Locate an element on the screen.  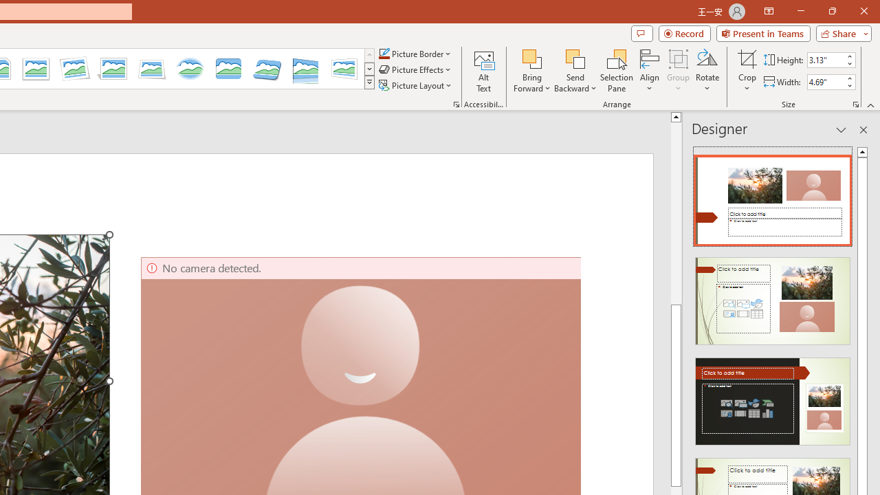
'Send Backward' is located at coordinates (575, 58).